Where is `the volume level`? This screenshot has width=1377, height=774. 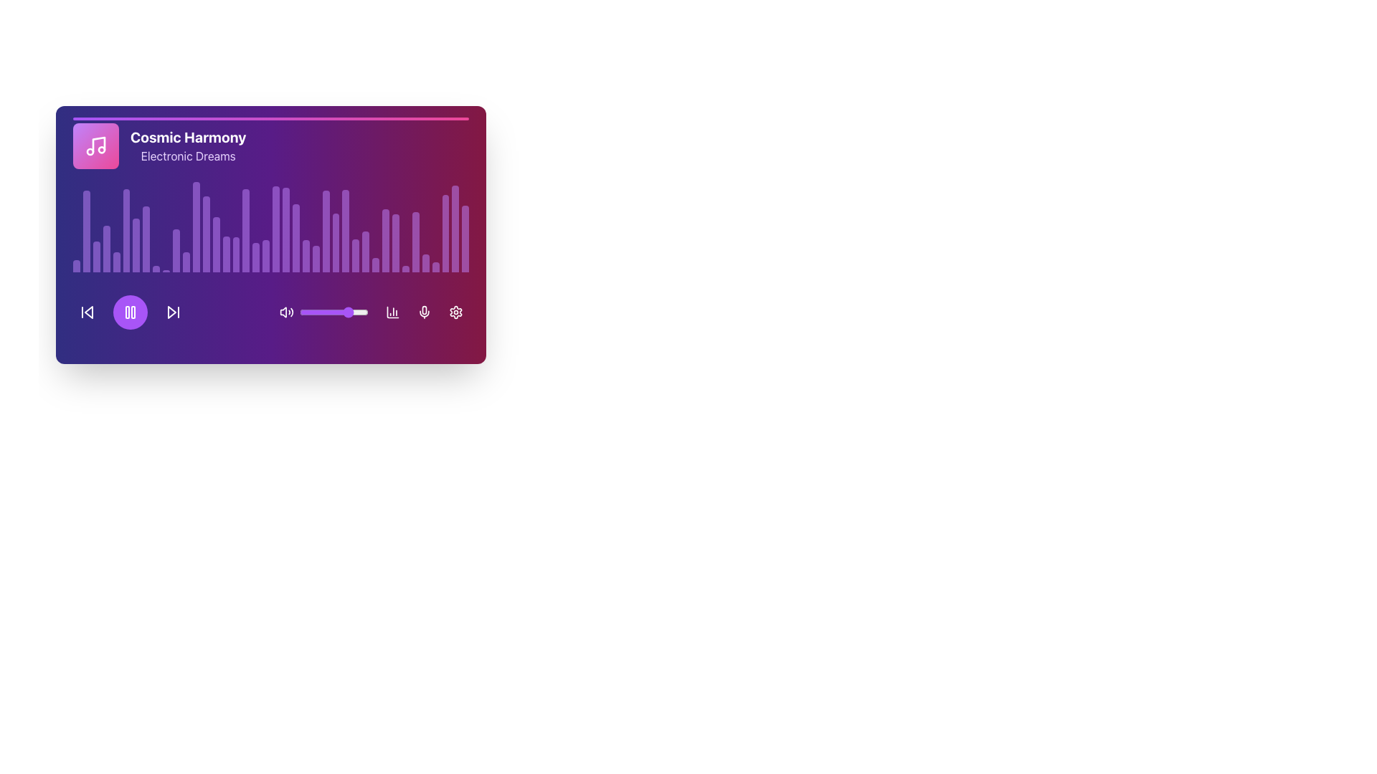
the volume level is located at coordinates (325, 311).